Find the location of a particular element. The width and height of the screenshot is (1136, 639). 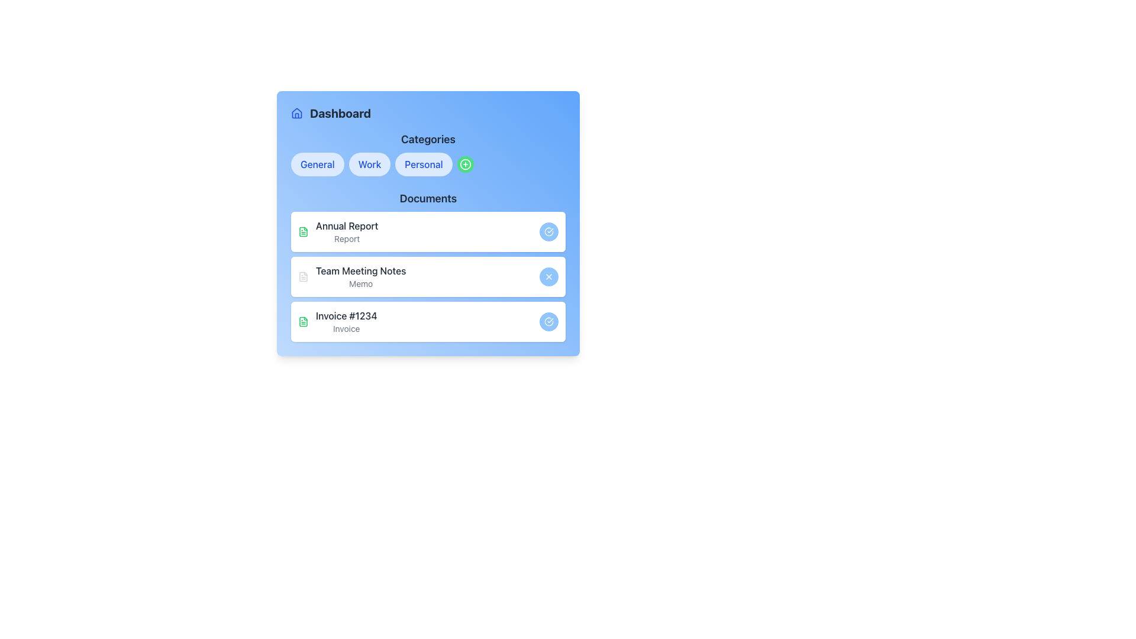

the 'Team Meeting Notes' document entry is located at coordinates (360, 276).